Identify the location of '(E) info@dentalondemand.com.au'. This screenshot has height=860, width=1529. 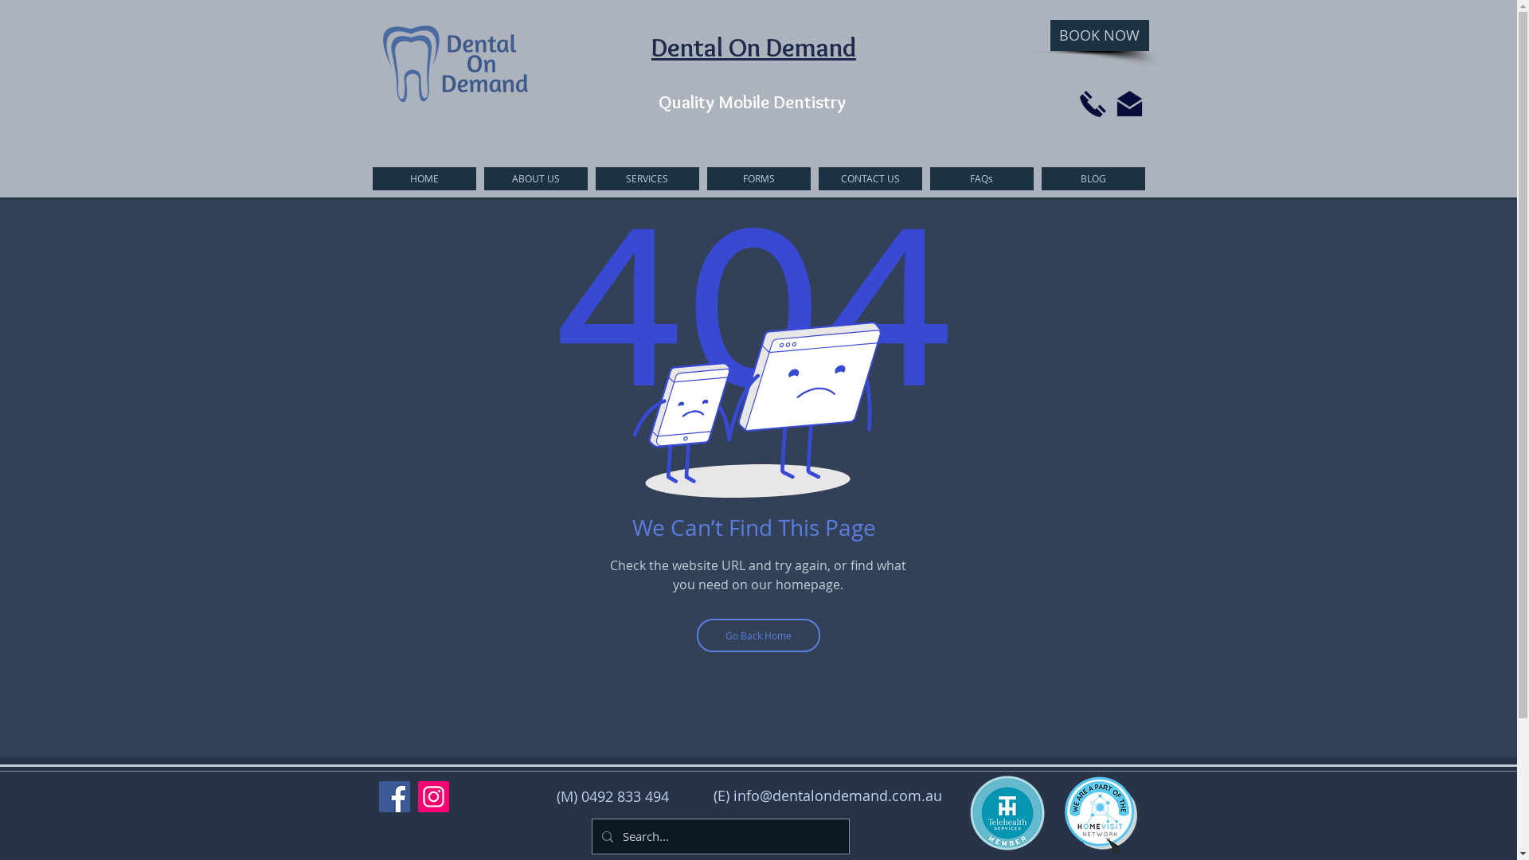
(827, 795).